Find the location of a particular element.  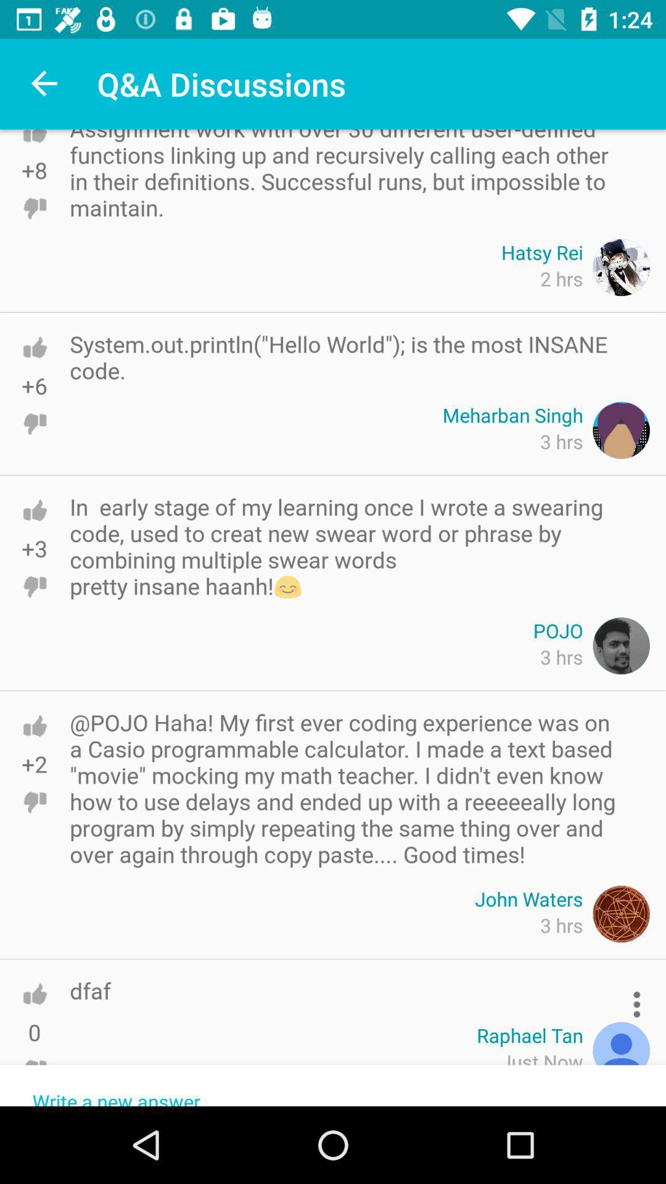

like a comment is located at coordinates (34, 510).